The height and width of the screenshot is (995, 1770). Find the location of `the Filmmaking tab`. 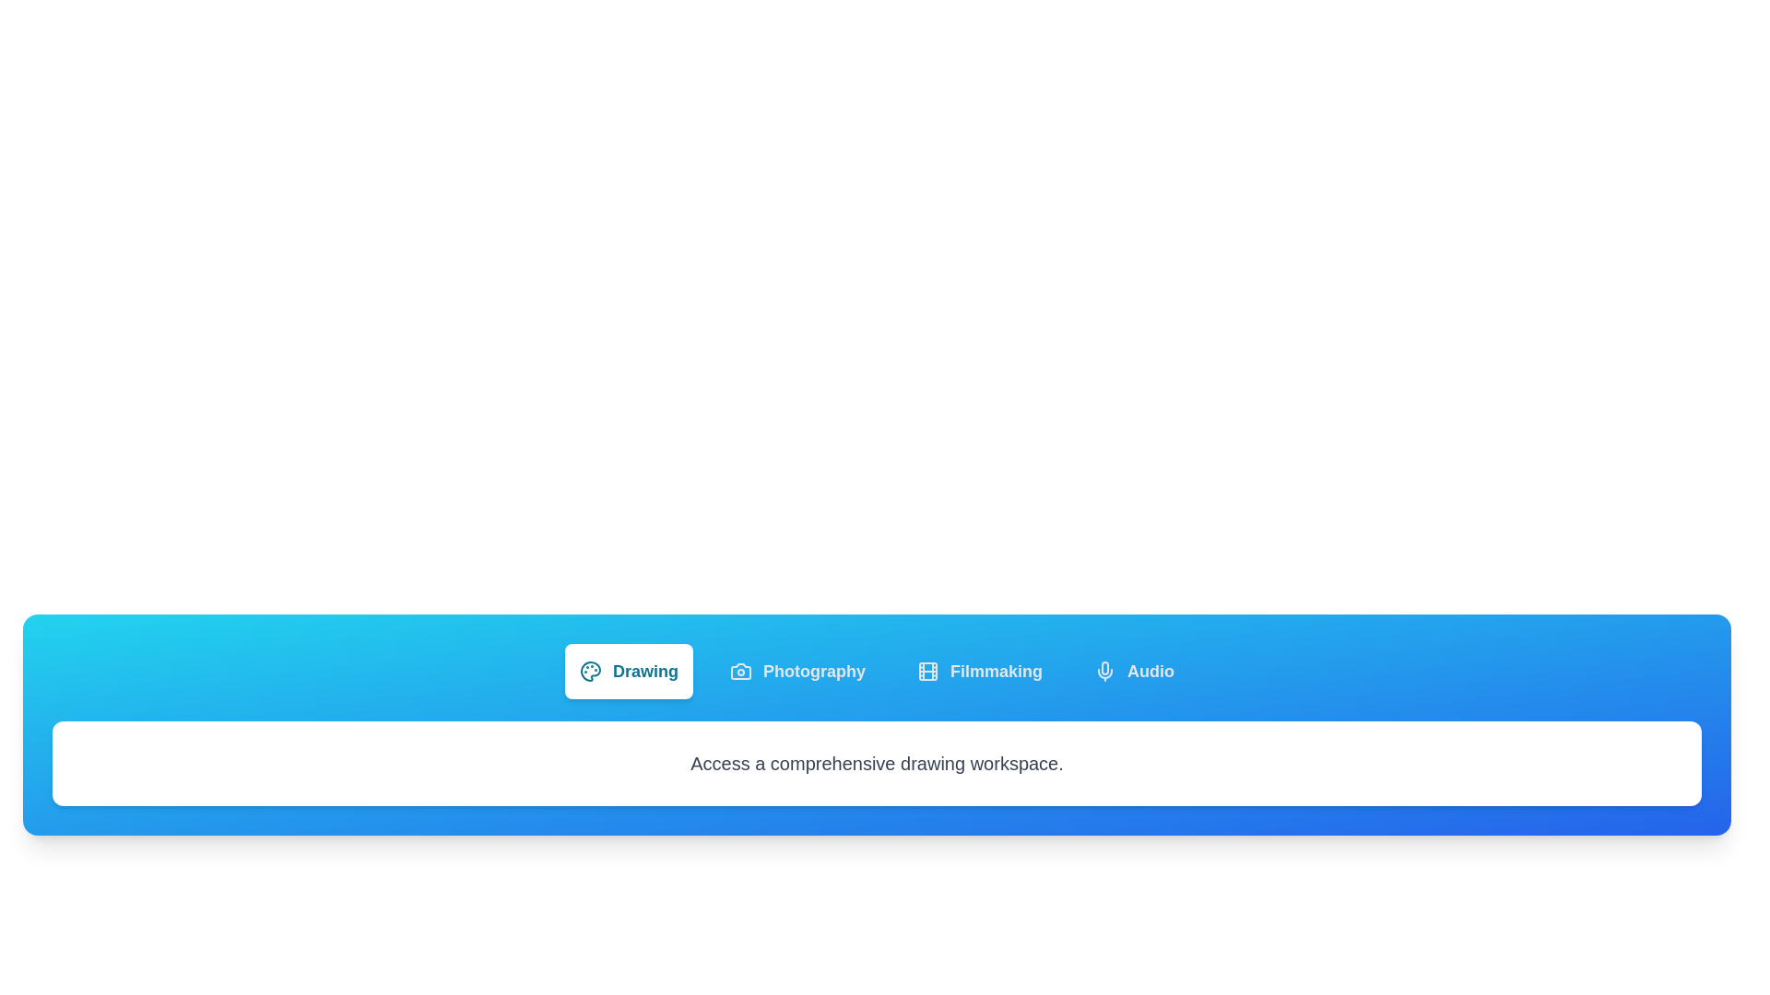

the Filmmaking tab is located at coordinates (978, 672).